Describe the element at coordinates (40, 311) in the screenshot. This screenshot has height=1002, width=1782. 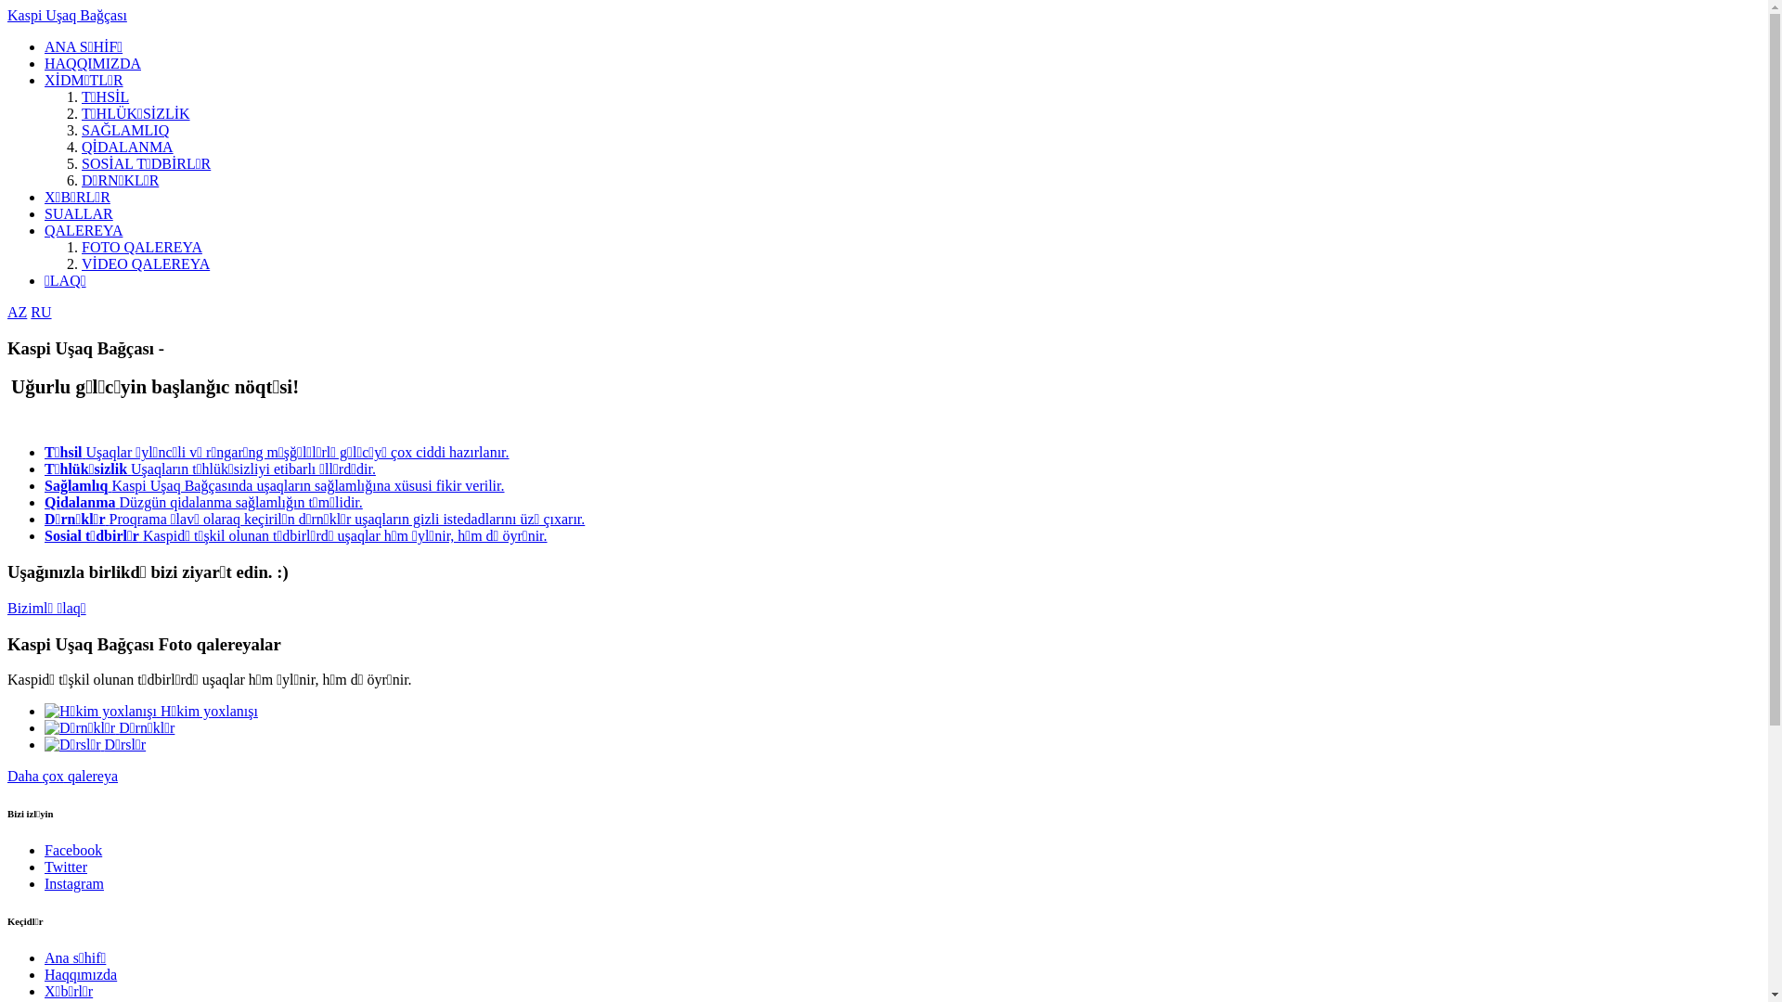
I see `'RU'` at that location.